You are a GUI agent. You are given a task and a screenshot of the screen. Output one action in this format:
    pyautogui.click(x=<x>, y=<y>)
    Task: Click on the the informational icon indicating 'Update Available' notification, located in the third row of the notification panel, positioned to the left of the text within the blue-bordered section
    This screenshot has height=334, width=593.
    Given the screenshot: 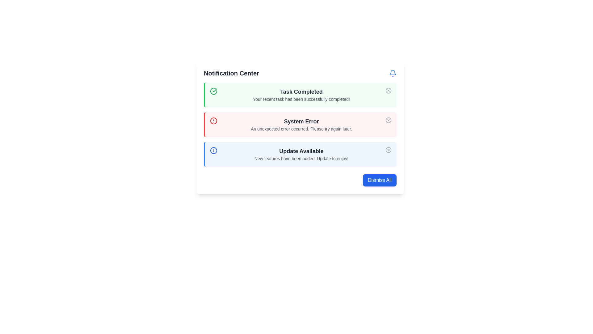 What is the action you would take?
    pyautogui.click(x=213, y=150)
    